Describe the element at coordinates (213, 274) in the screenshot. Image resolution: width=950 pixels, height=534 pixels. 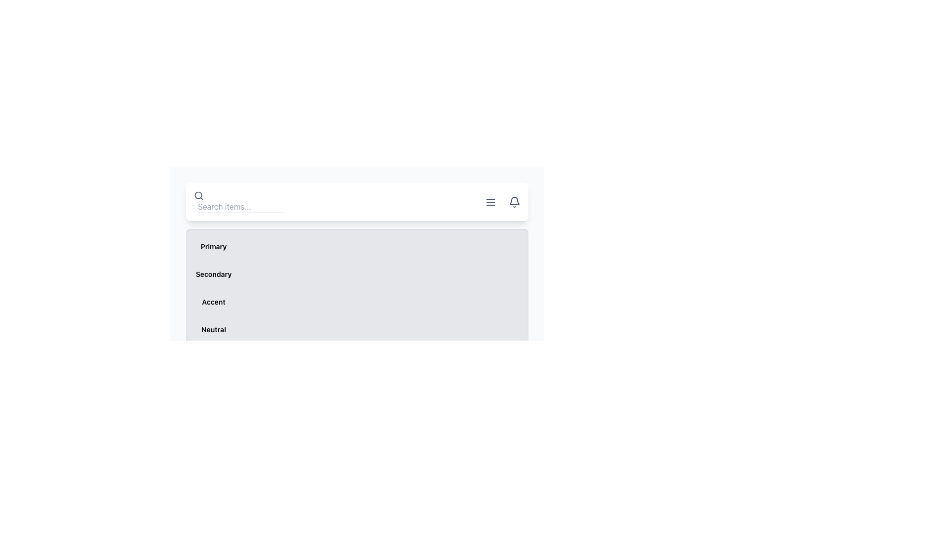
I see `the text label displaying 'Secondary', which is the first element in a horizontal group and has a bold font style` at that location.